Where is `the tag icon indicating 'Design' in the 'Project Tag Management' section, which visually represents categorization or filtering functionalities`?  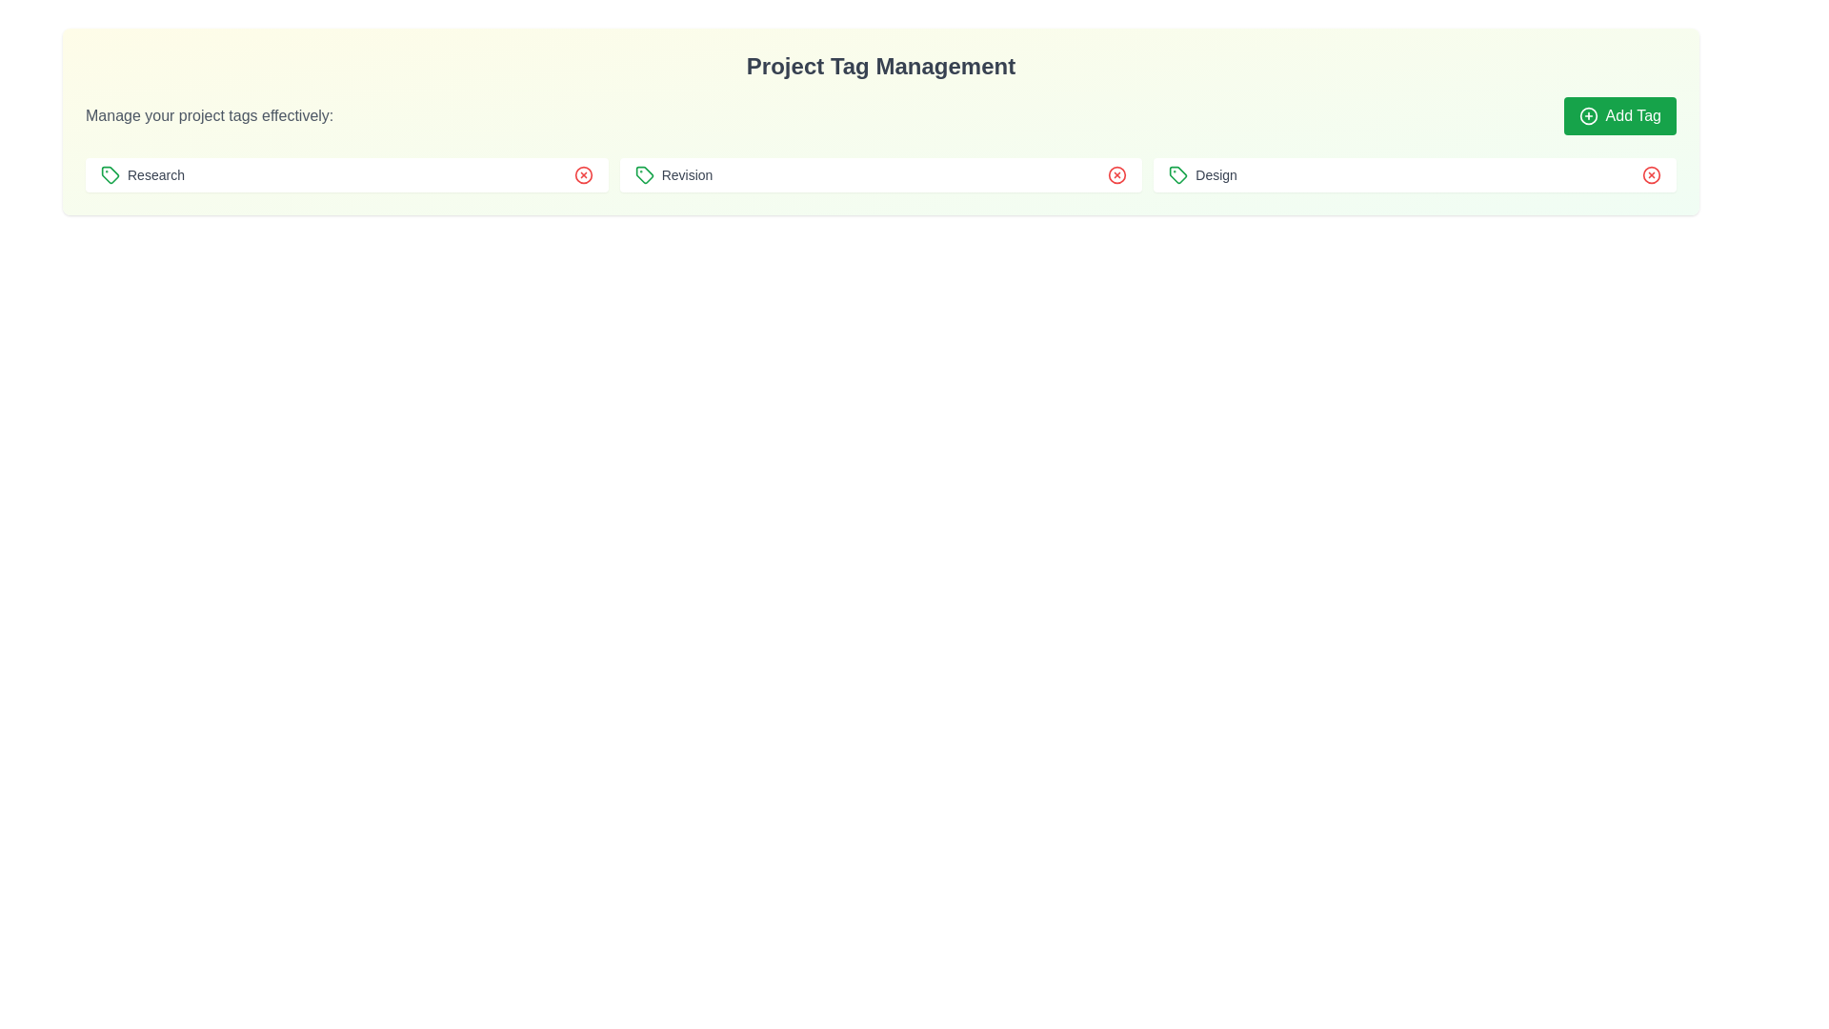
the tag icon indicating 'Design' in the 'Project Tag Management' section, which visually represents categorization or filtering functionalities is located at coordinates (1177, 175).